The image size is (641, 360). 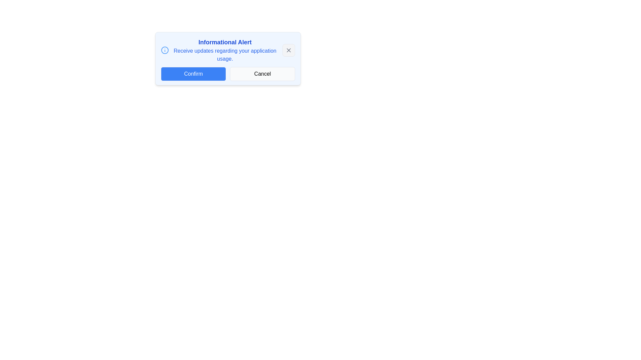 I want to click on the decorative circle within the informational alert icon located to the left of the title 'Informational Alert' in the modal dialog box, so click(x=165, y=50).